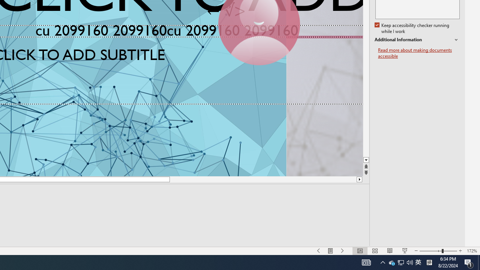 The width and height of the screenshot is (480, 270). I want to click on 'Slide Show Next On', so click(342, 251).